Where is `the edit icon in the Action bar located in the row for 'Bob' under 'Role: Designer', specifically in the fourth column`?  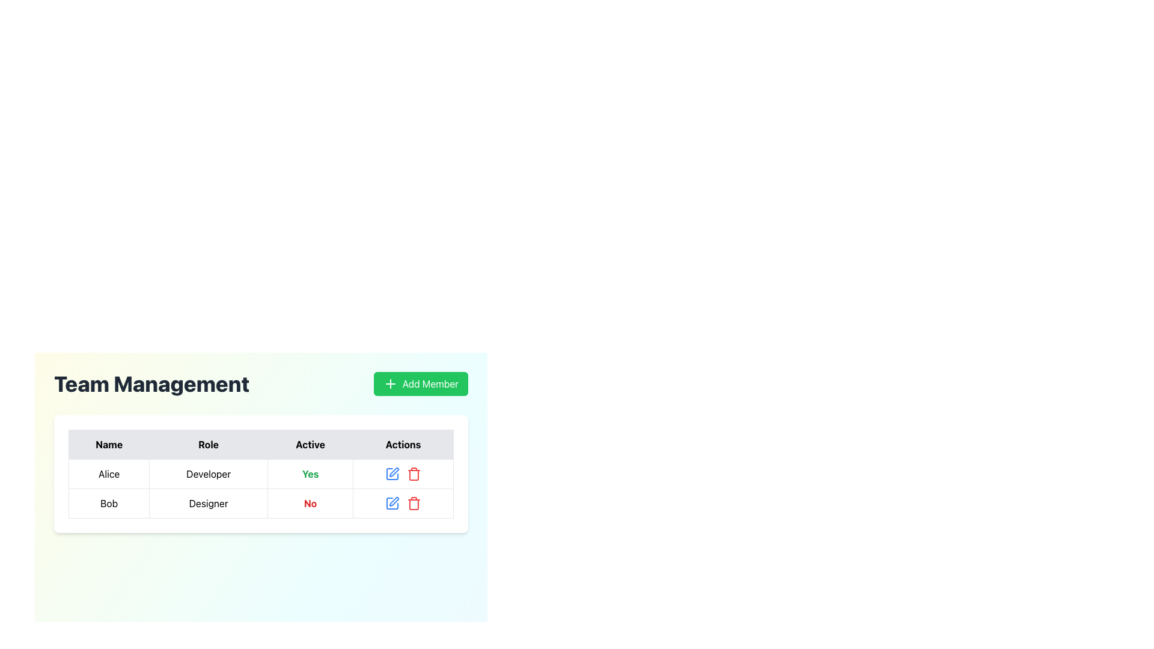
the edit icon in the Action bar located in the row for 'Bob' under 'Role: Designer', specifically in the fourth column is located at coordinates (403, 503).